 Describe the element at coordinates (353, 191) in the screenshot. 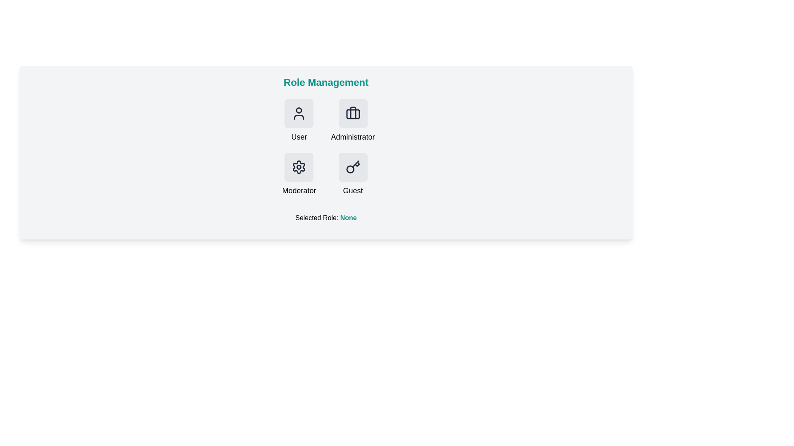

I see `the static text label that says 'Guest', which is positioned below the key icon within the role options group` at that location.